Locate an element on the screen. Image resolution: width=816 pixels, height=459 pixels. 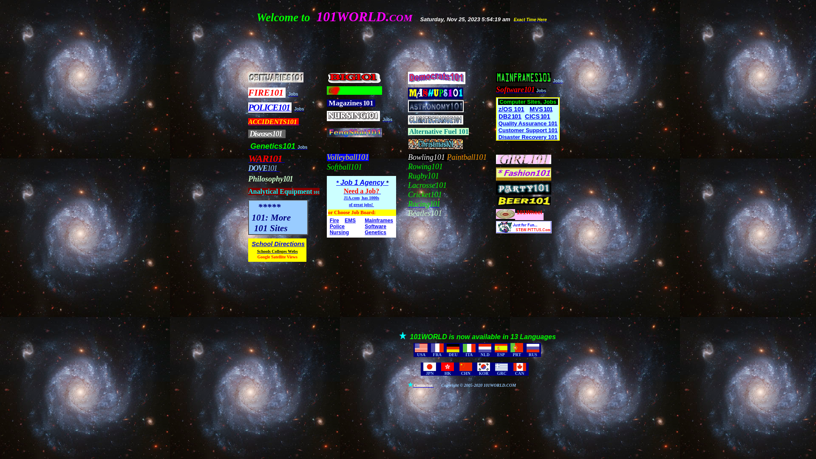
'Rowing101' is located at coordinates (425, 167).